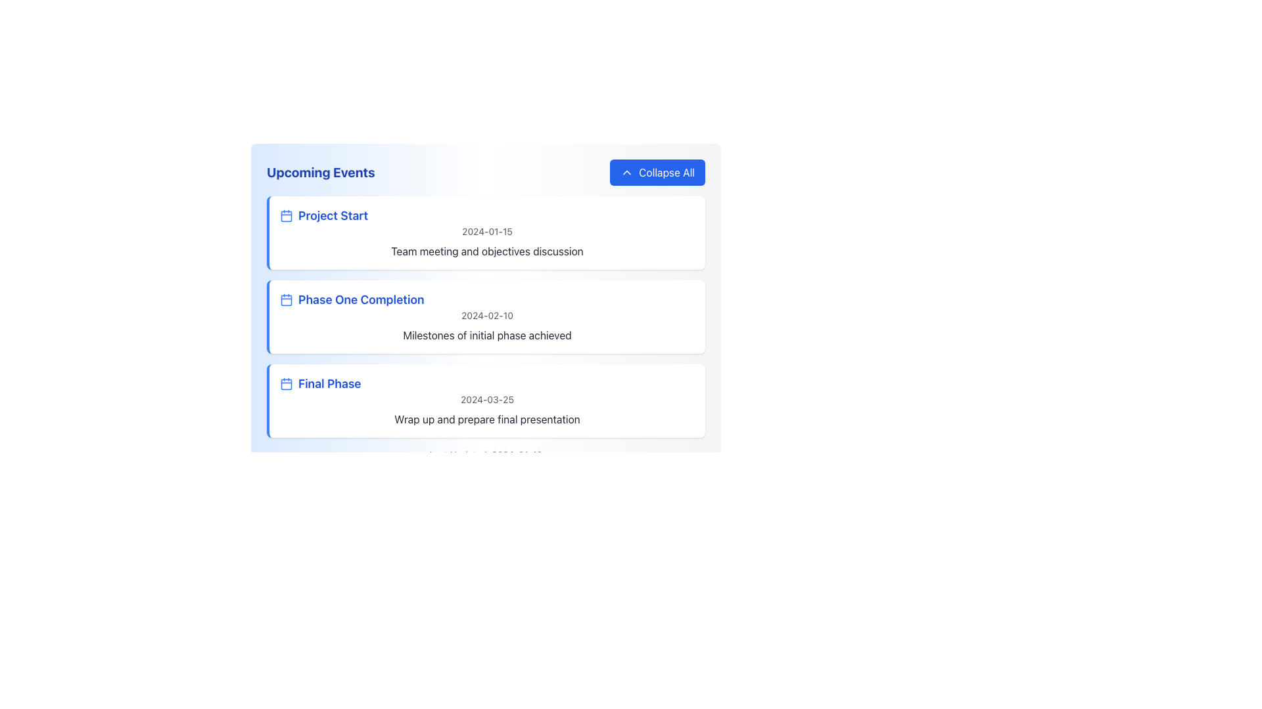  What do you see at coordinates (485, 316) in the screenshot?
I see `the second informational card in the 'Upcoming Events' list, which displays details about a specific event milestone` at bounding box center [485, 316].